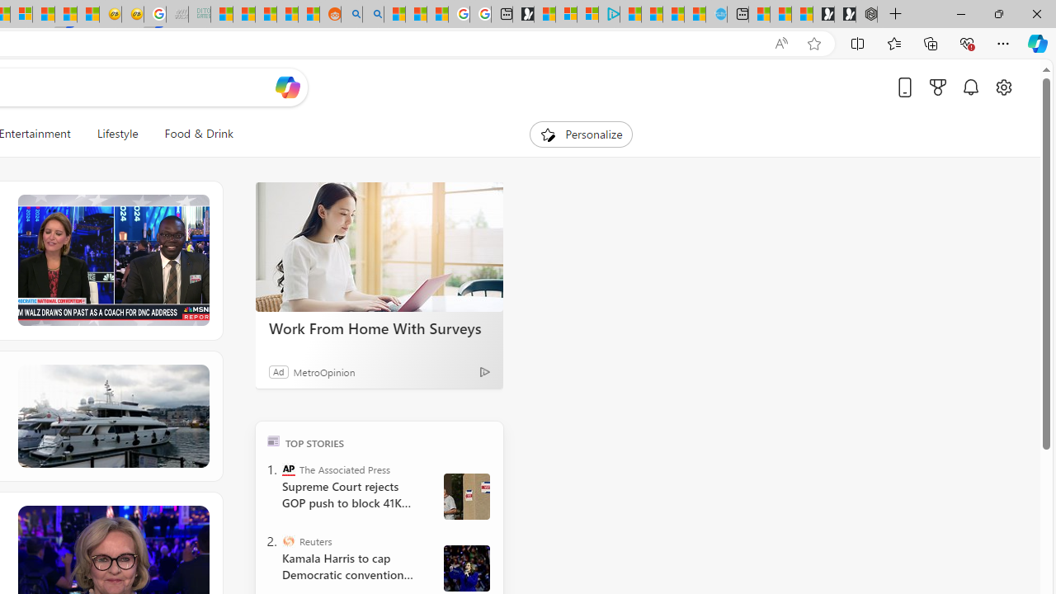 This screenshot has height=594, width=1056. What do you see at coordinates (289, 469) in the screenshot?
I see `'The Associated Press'` at bounding box center [289, 469].